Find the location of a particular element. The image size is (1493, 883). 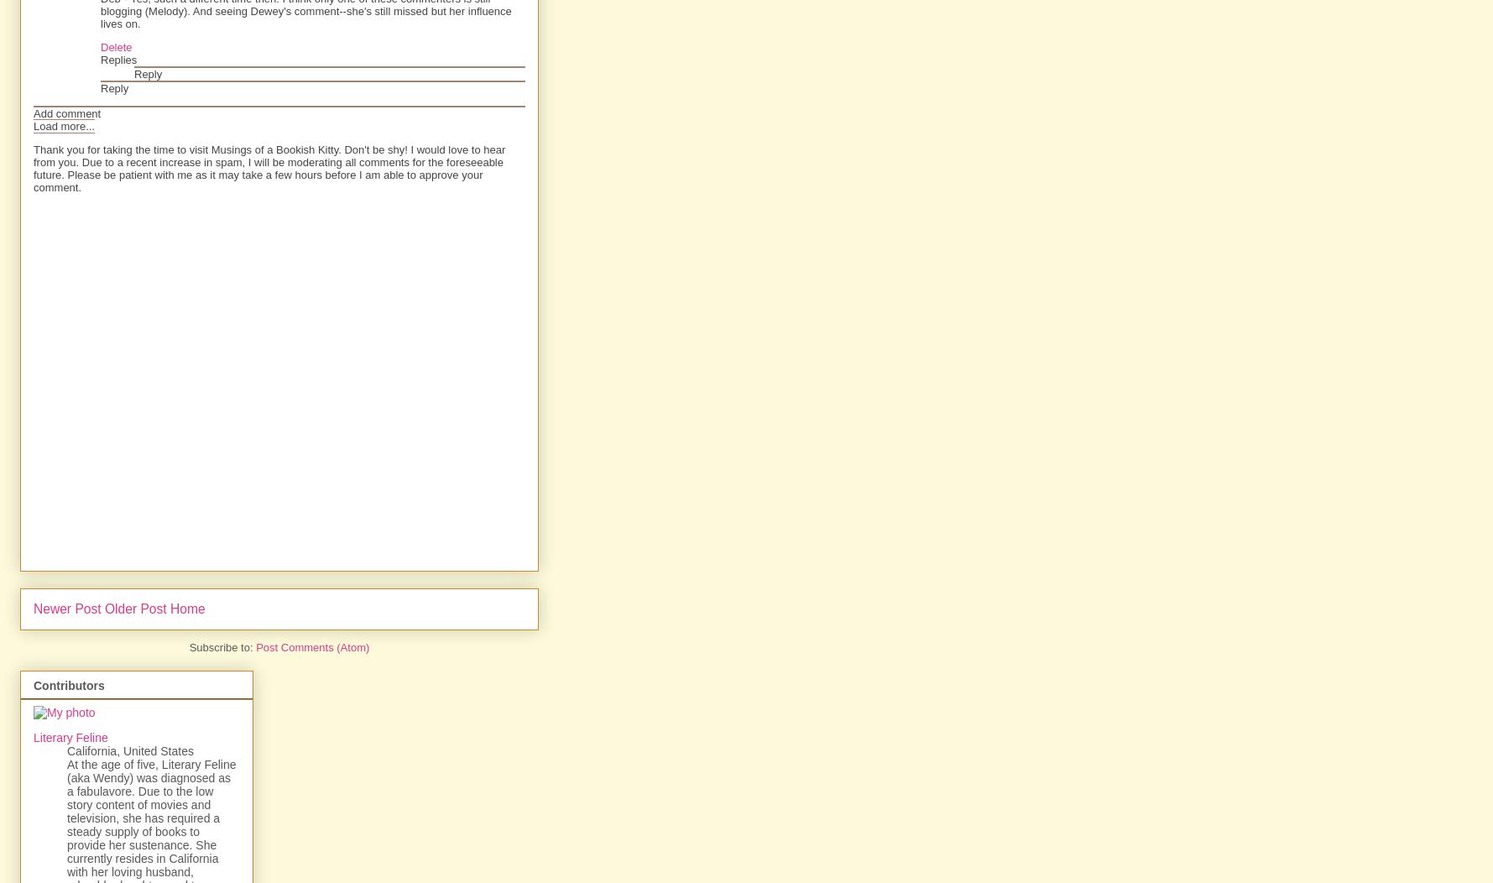

'Subscribe to:' is located at coordinates (222, 646).